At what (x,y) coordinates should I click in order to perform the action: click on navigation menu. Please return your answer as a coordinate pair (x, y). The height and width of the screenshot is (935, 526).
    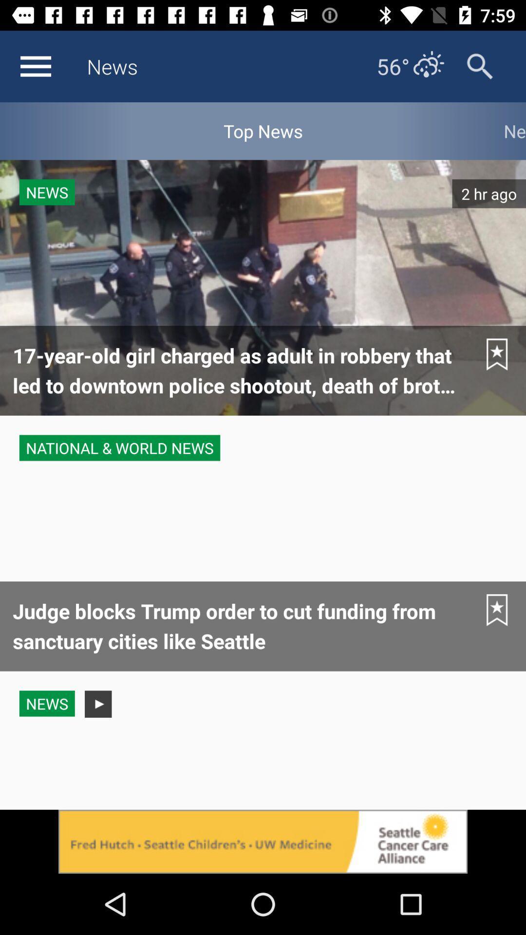
    Looking at the image, I should click on (35, 66).